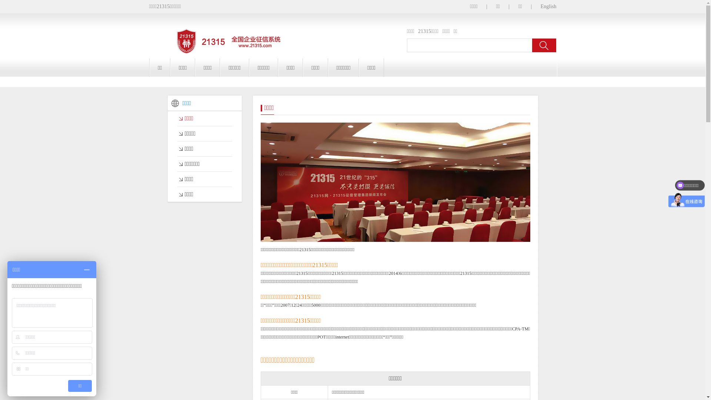 The image size is (711, 400). Describe the element at coordinates (548, 6) in the screenshot. I see `'English'` at that location.